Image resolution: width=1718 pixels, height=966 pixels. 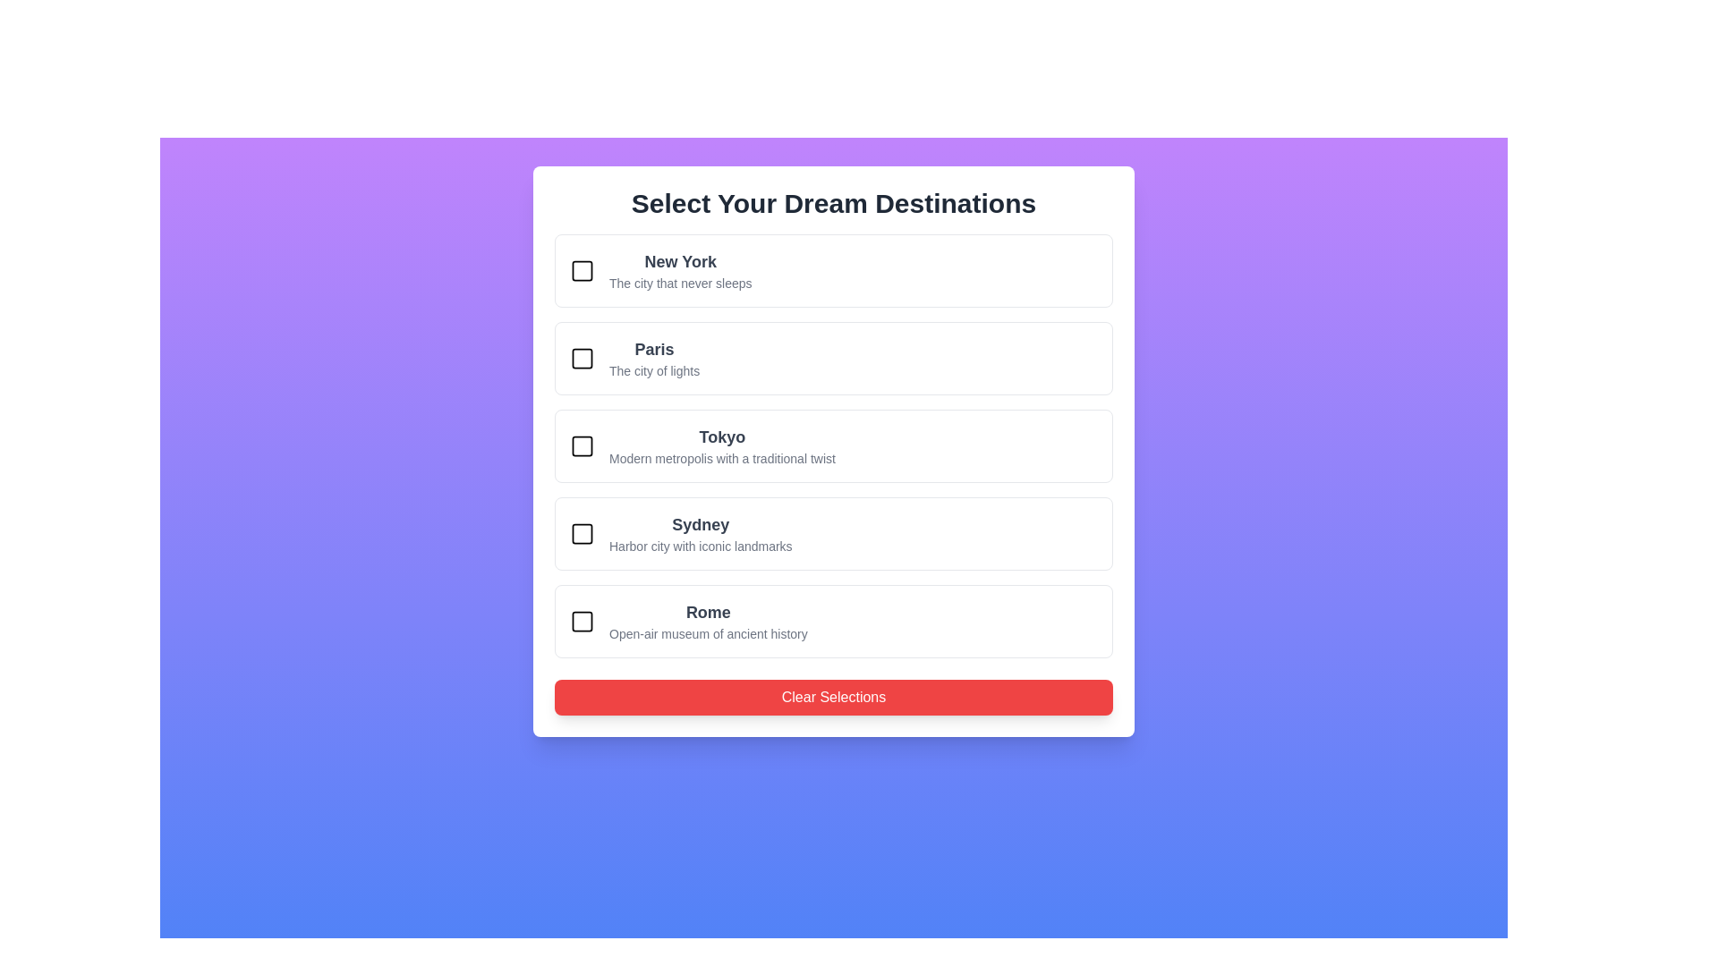 I want to click on the city Rome by clicking on its checkbox or card, so click(x=583, y=620).